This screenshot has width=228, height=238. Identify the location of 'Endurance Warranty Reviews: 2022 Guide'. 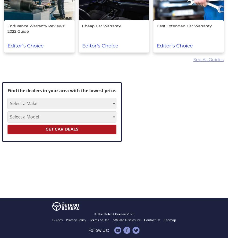
(7, 28).